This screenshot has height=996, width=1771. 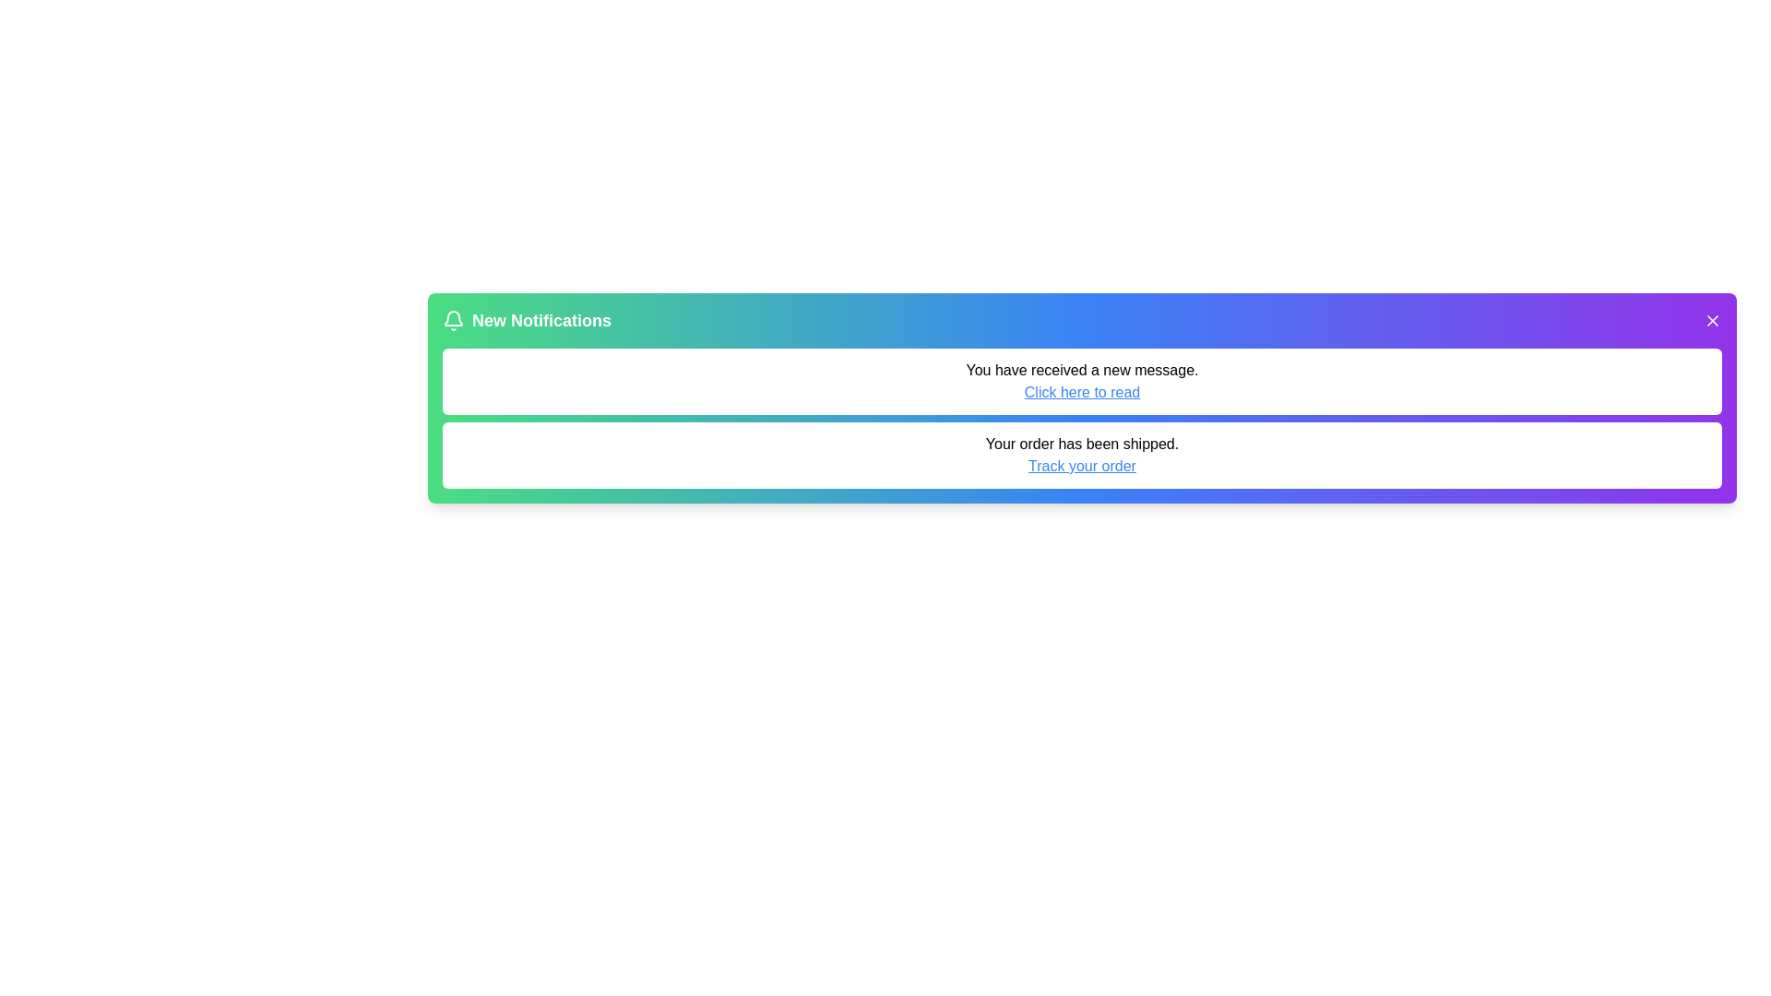 I want to click on the 'Track your order' link, which is a clickable text link styled with blue font color and an underline, located in the bottom section of a larger notification panel below the message 'Your order has been shipped.', so click(x=1082, y=465).